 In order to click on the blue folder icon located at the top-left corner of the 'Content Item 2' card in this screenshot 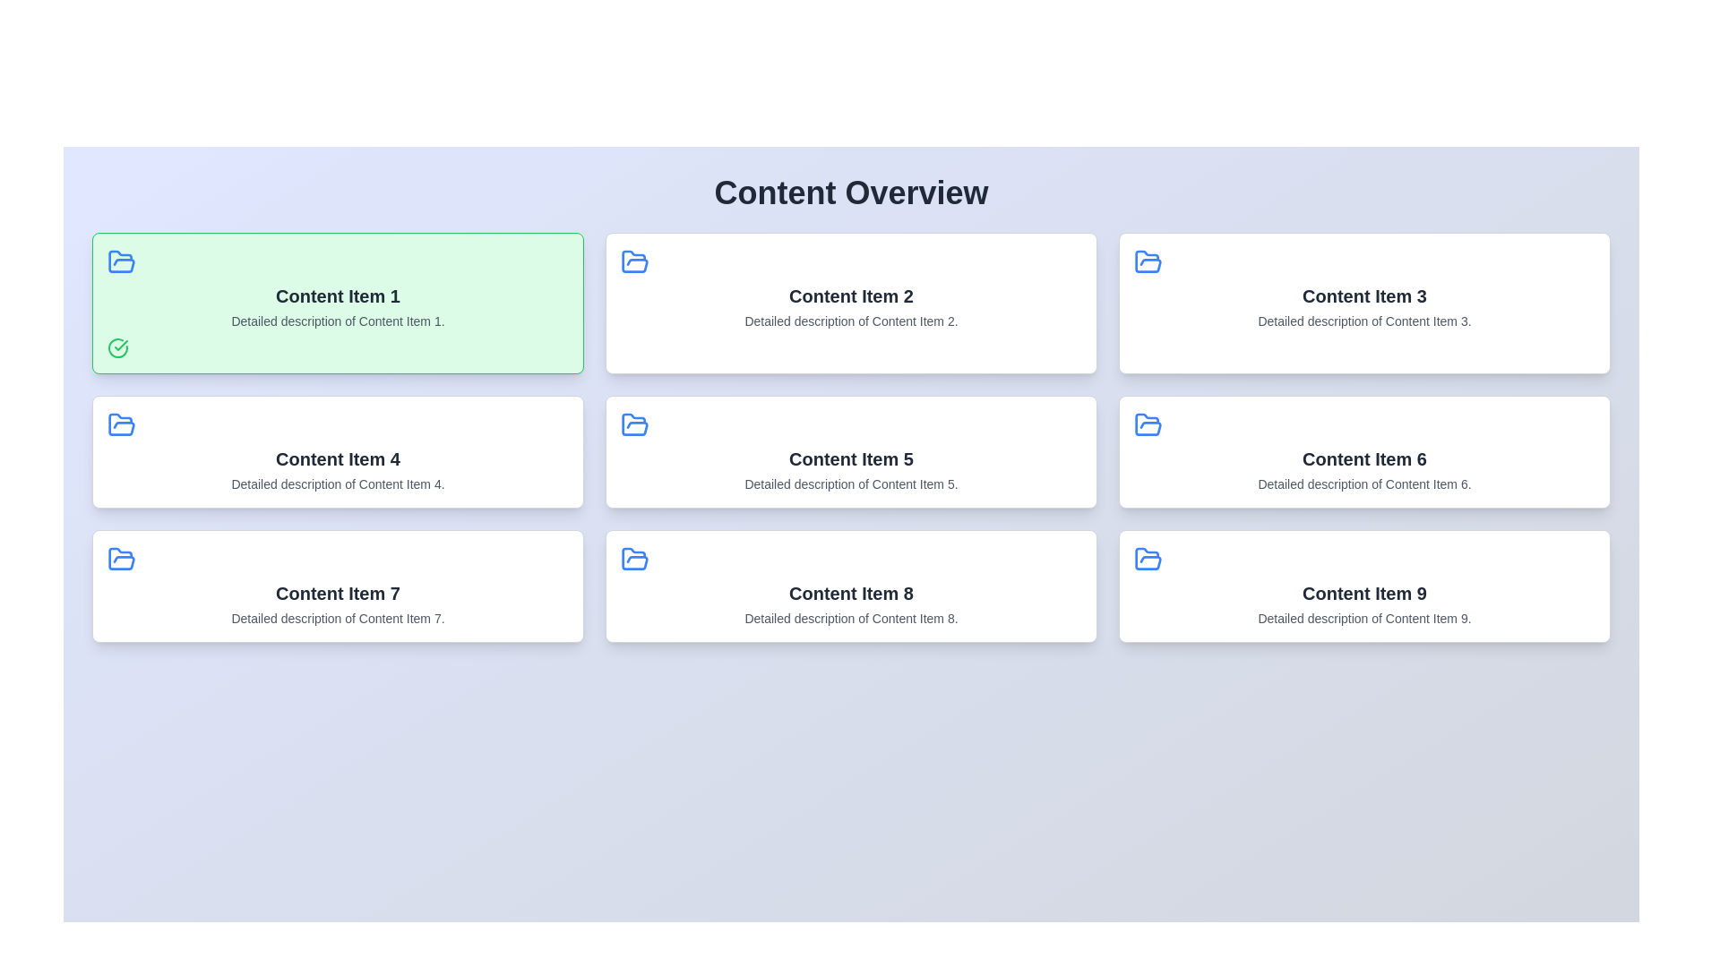, I will do `click(635, 262)`.